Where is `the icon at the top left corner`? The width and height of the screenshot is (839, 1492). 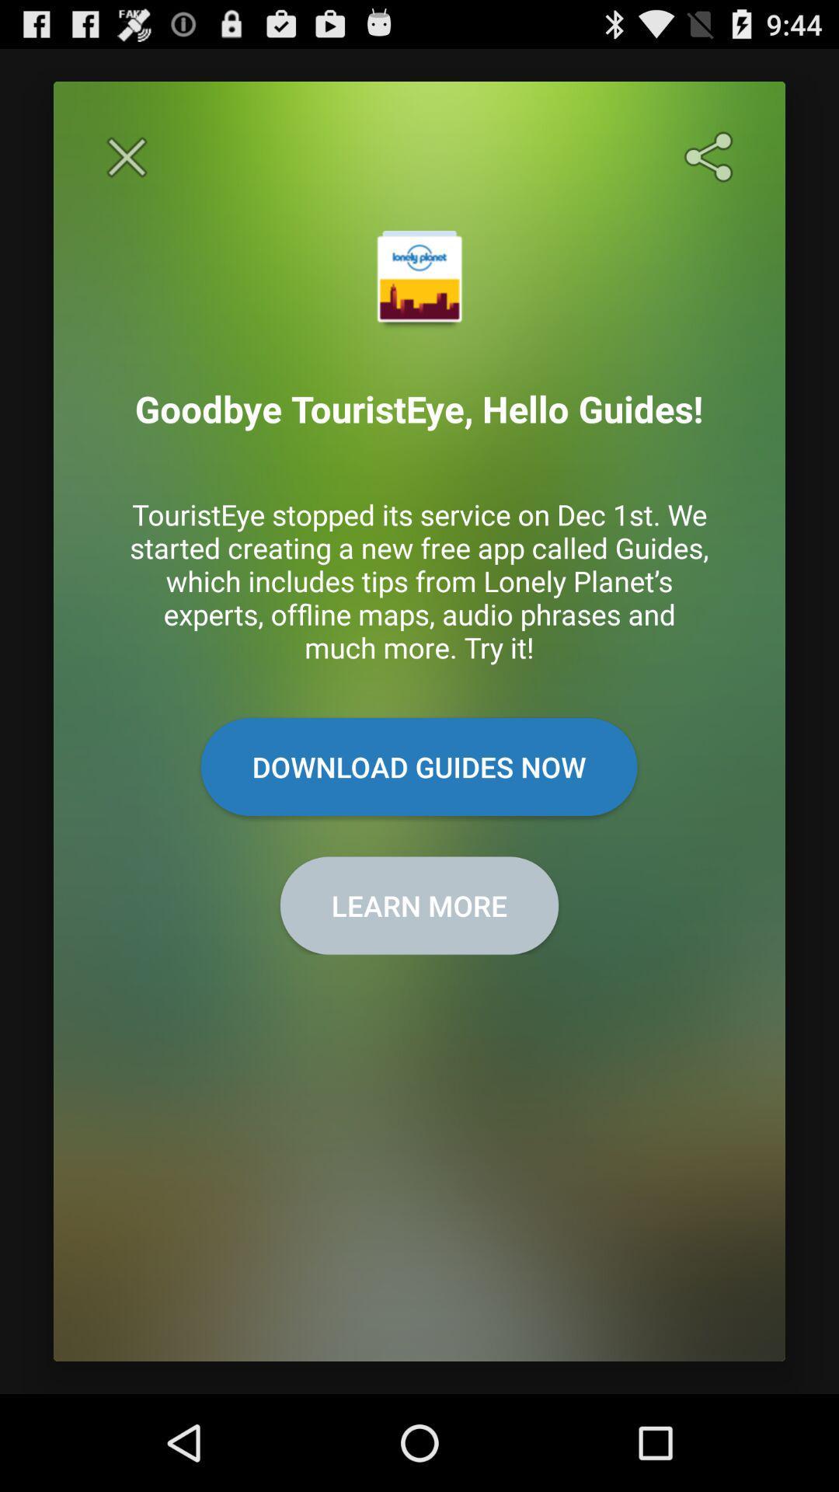 the icon at the top left corner is located at coordinates (126, 157).